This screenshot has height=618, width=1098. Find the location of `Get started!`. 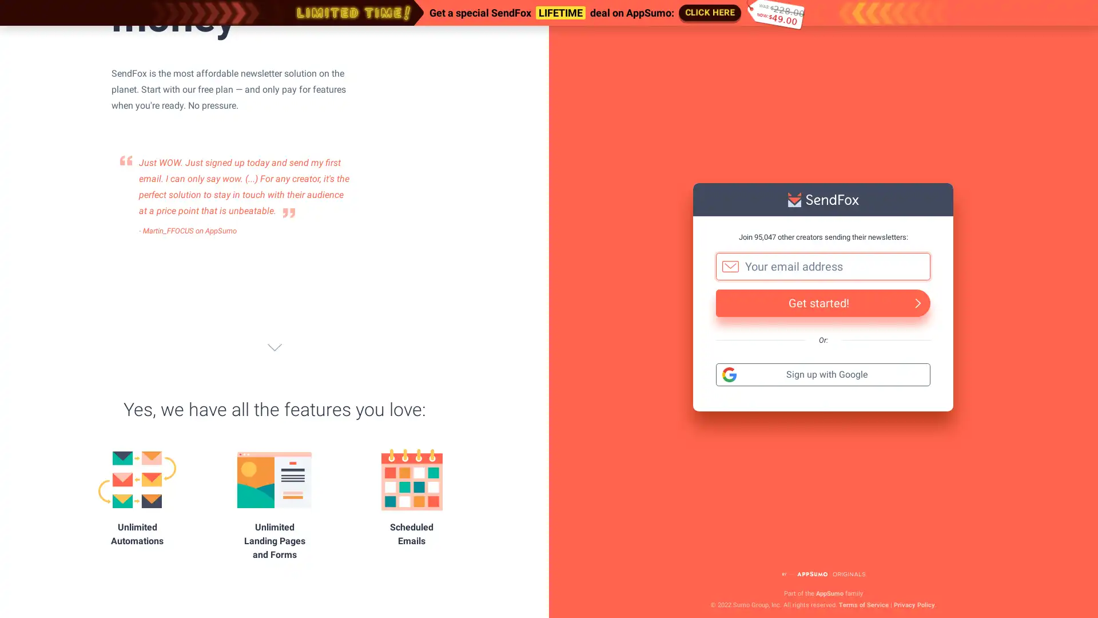

Get started! is located at coordinates (822, 302).